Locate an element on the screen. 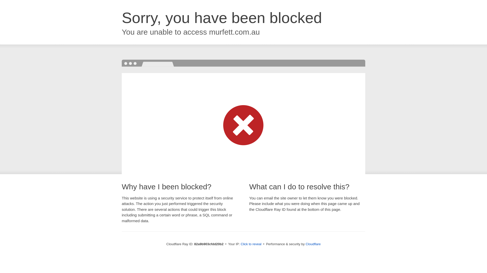 The height and width of the screenshot is (273, 487). 'Click to reveal' is located at coordinates (240, 244).